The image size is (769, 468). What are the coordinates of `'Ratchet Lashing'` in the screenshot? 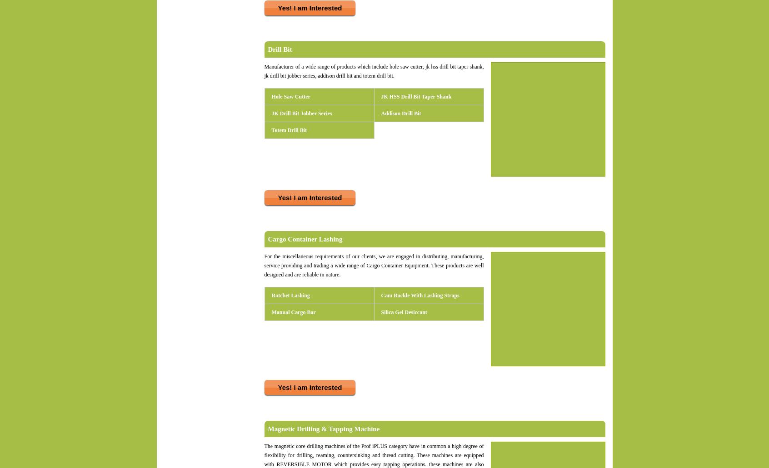 It's located at (270, 295).